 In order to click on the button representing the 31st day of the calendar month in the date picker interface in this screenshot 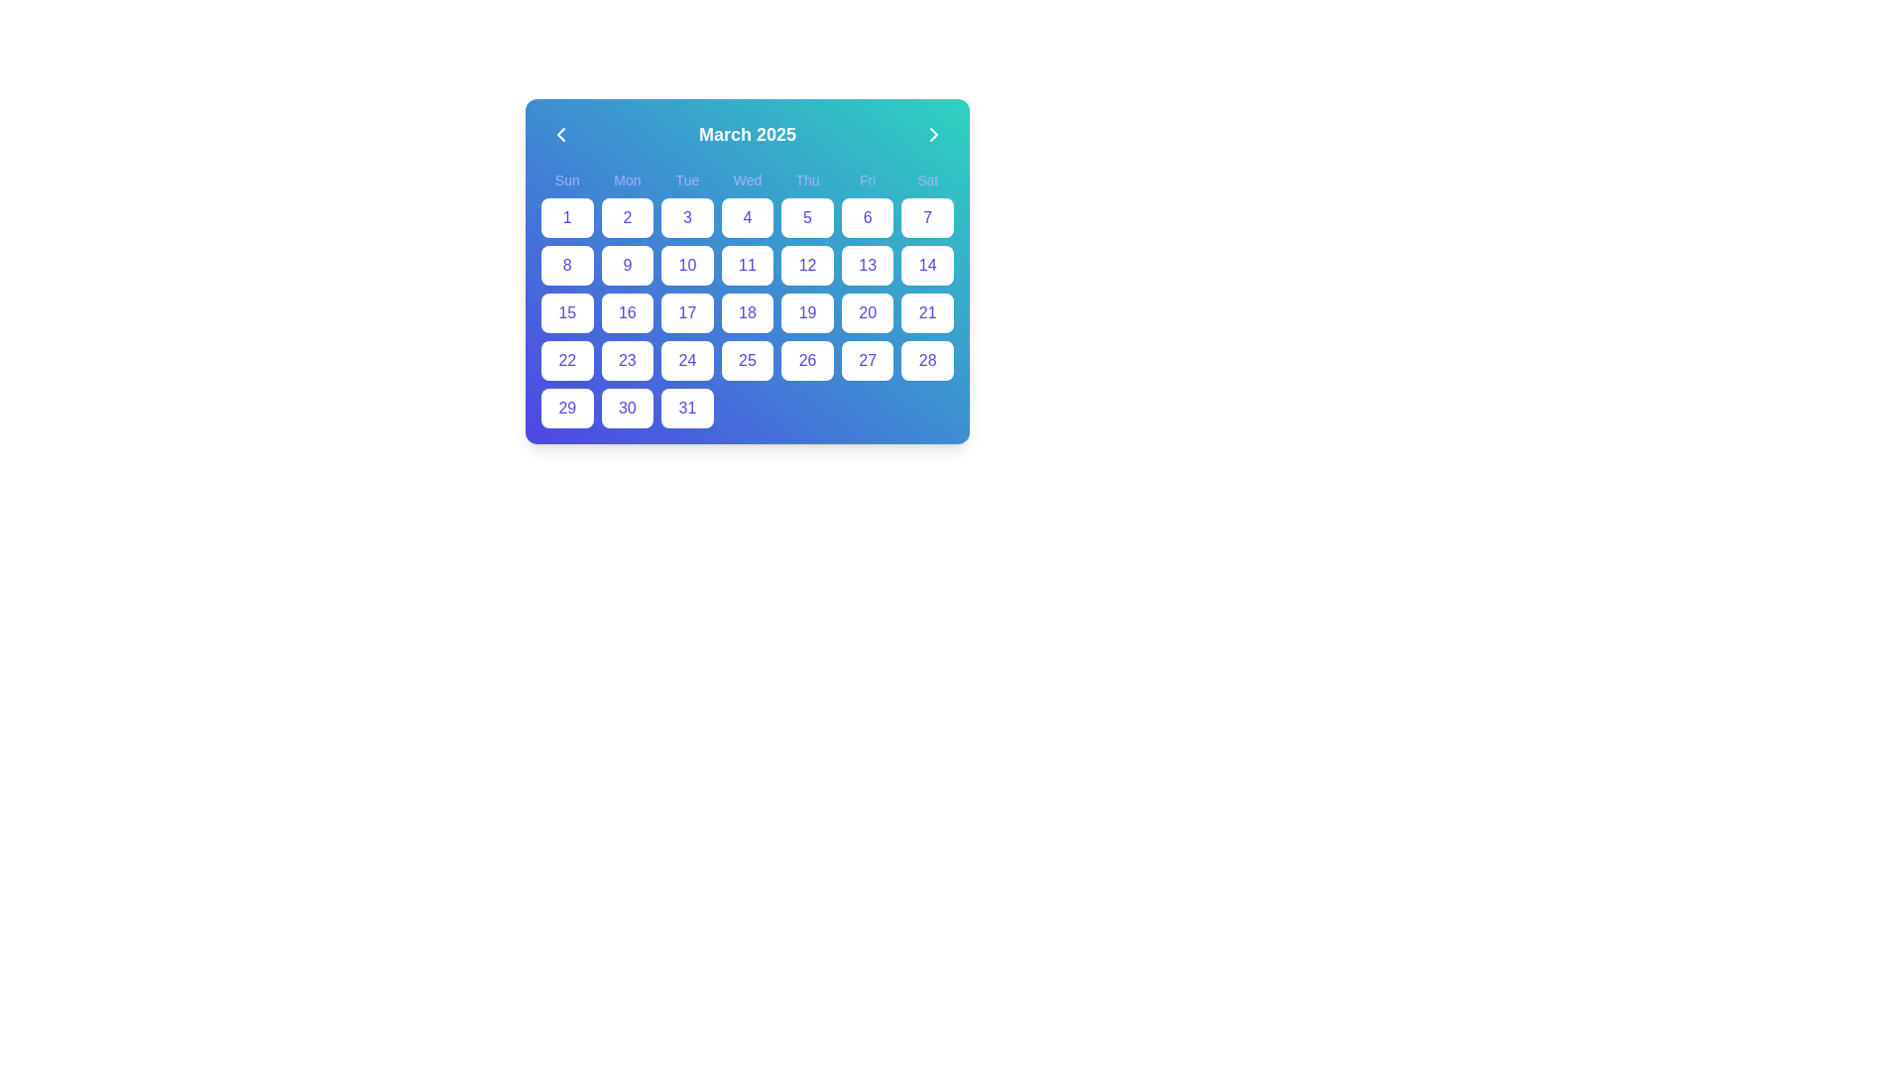, I will do `click(687, 408)`.